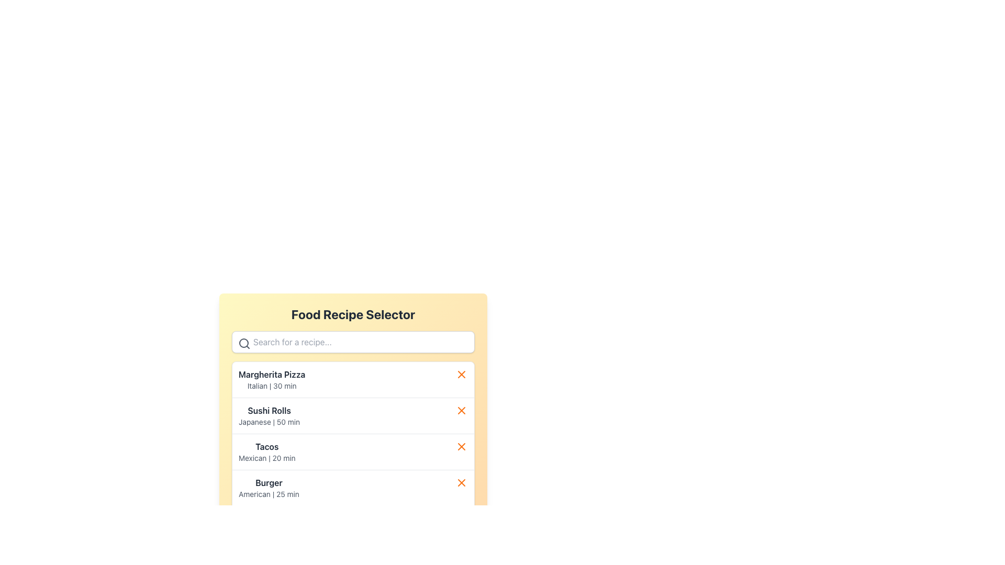 This screenshot has height=565, width=1005. Describe the element at coordinates (461, 410) in the screenshot. I see `the deletion icon located on the right side of the third list item for 'Sushi Rolls'` at that location.